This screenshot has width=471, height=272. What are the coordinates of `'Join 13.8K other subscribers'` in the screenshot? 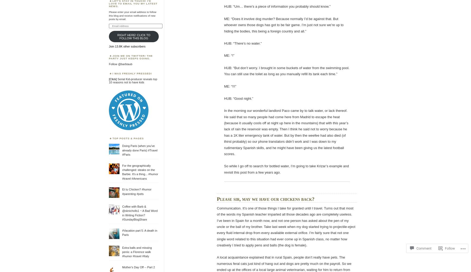 It's located at (109, 46).